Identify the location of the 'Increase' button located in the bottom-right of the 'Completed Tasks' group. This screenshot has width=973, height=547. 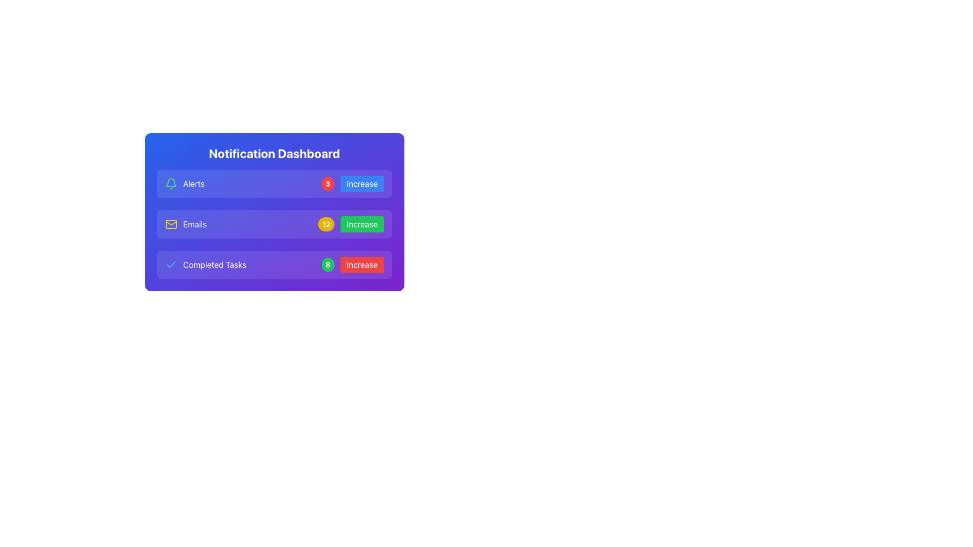
(353, 264).